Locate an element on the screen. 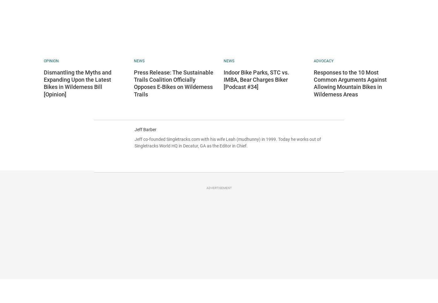 The width and height of the screenshot is (438, 303). 'Dismantling the Myths and Expanding Upon the Latest Bikes in Wilderness Bill [Opinion]' is located at coordinates (77, 83).